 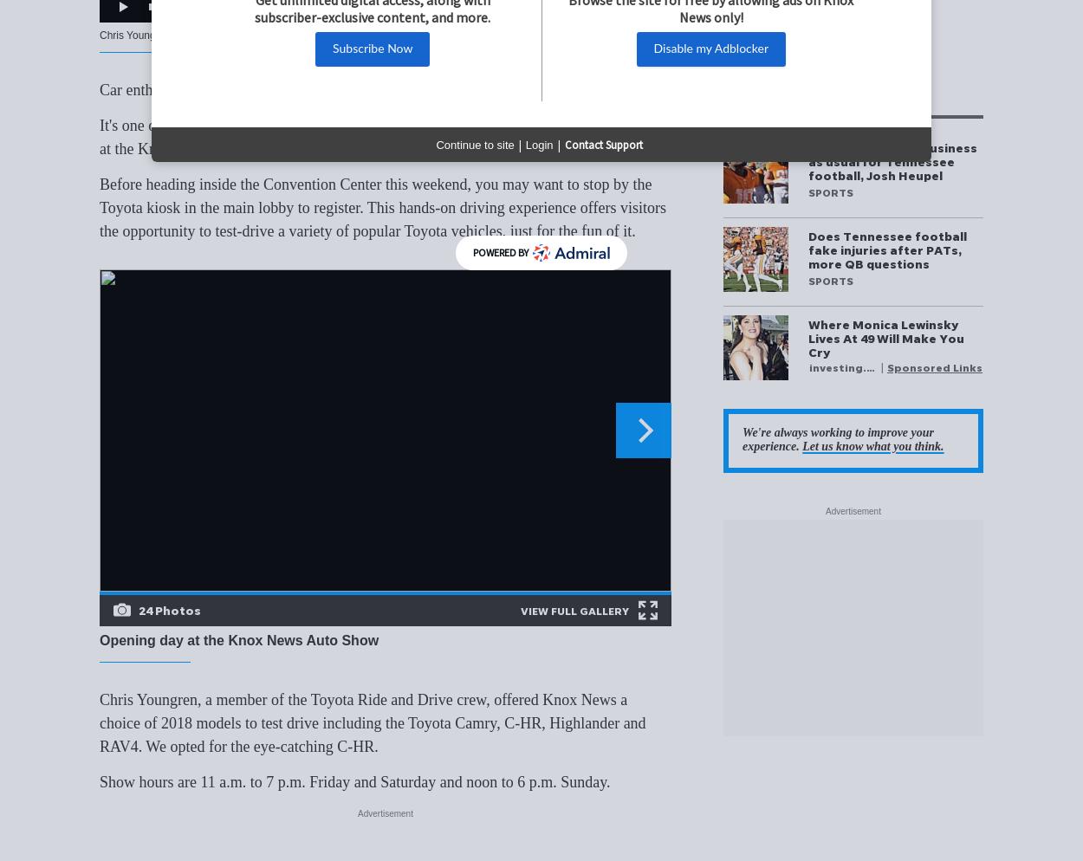 I want to click on 'Powered By', so click(x=500, y=252).